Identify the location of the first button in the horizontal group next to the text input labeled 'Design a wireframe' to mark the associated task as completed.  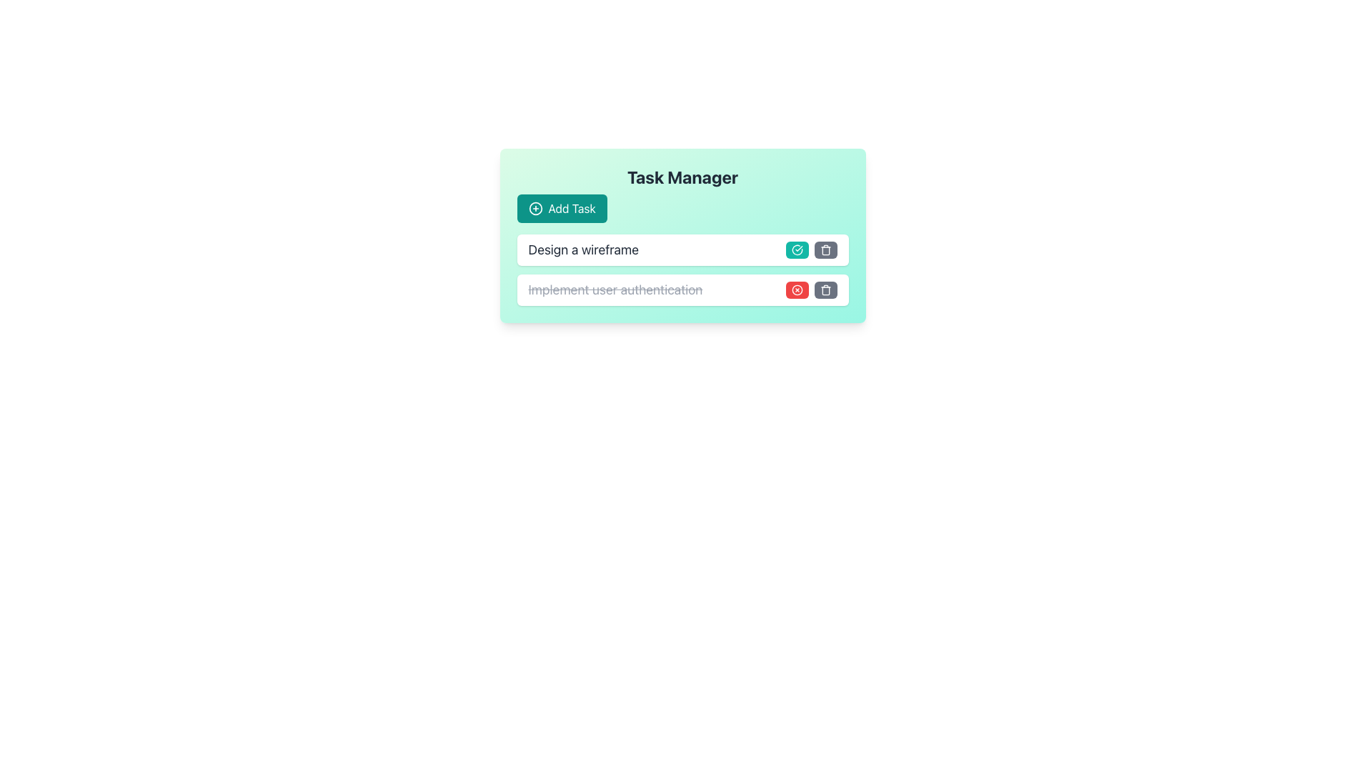
(796, 249).